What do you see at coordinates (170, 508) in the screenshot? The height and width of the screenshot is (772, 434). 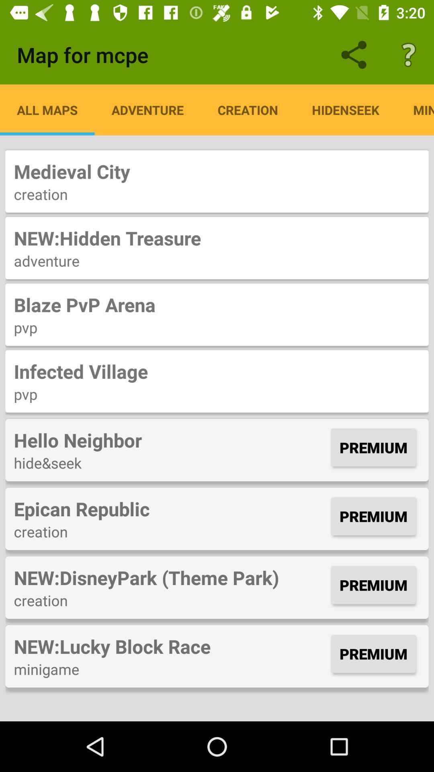 I see `icon below hide&seek item` at bounding box center [170, 508].